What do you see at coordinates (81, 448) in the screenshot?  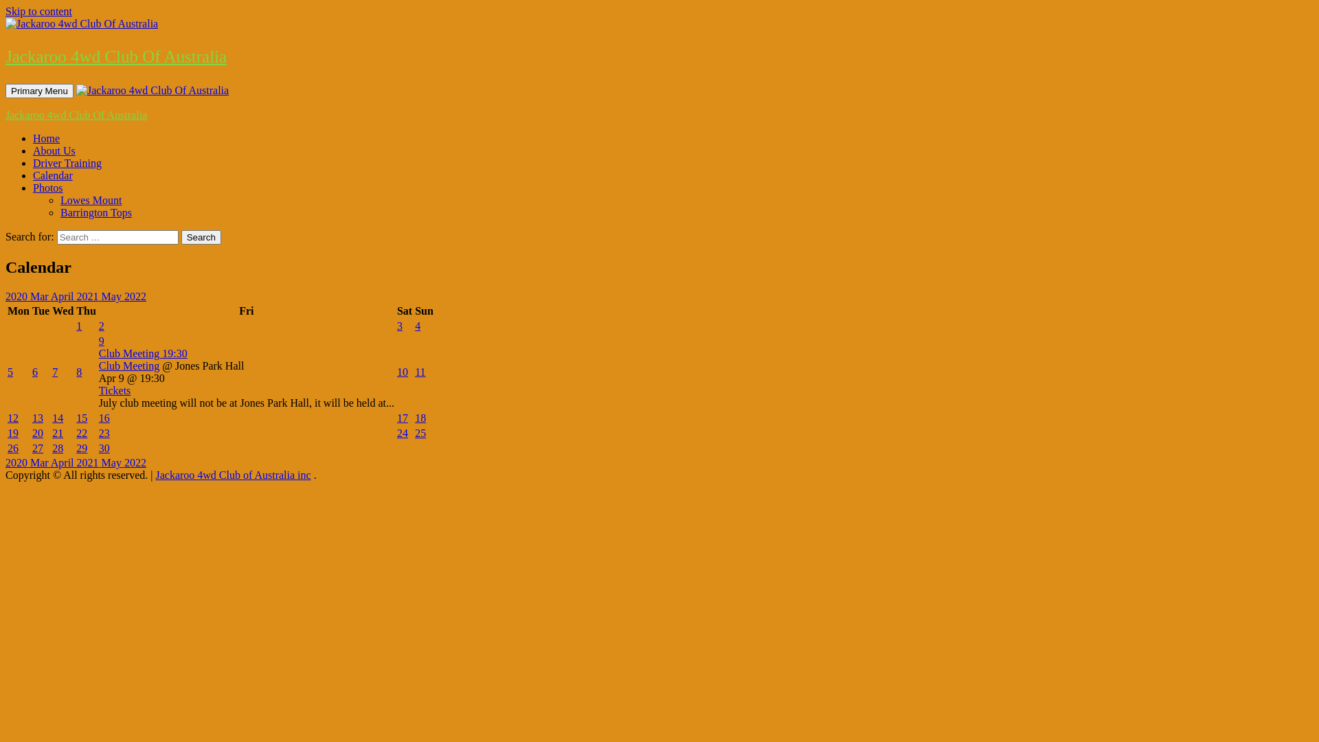 I see `'29'` at bounding box center [81, 448].